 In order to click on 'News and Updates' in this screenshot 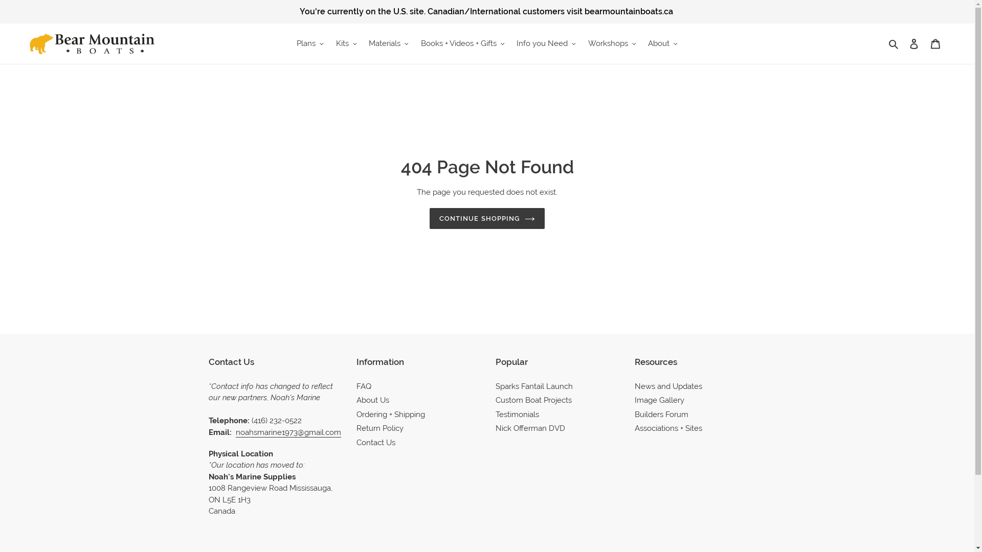, I will do `click(668, 386)`.